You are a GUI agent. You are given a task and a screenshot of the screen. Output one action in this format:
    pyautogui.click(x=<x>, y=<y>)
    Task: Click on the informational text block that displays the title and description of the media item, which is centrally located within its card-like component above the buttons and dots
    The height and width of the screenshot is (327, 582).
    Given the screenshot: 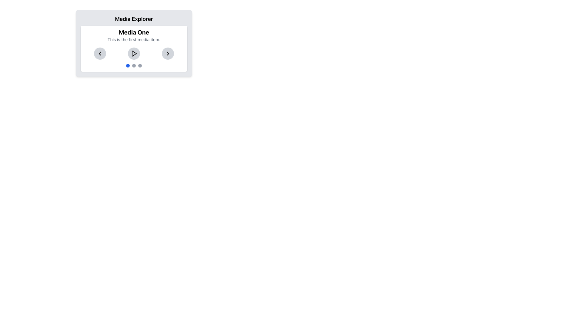 What is the action you would take?
    pyautogui.click(x=133, y=35)
    